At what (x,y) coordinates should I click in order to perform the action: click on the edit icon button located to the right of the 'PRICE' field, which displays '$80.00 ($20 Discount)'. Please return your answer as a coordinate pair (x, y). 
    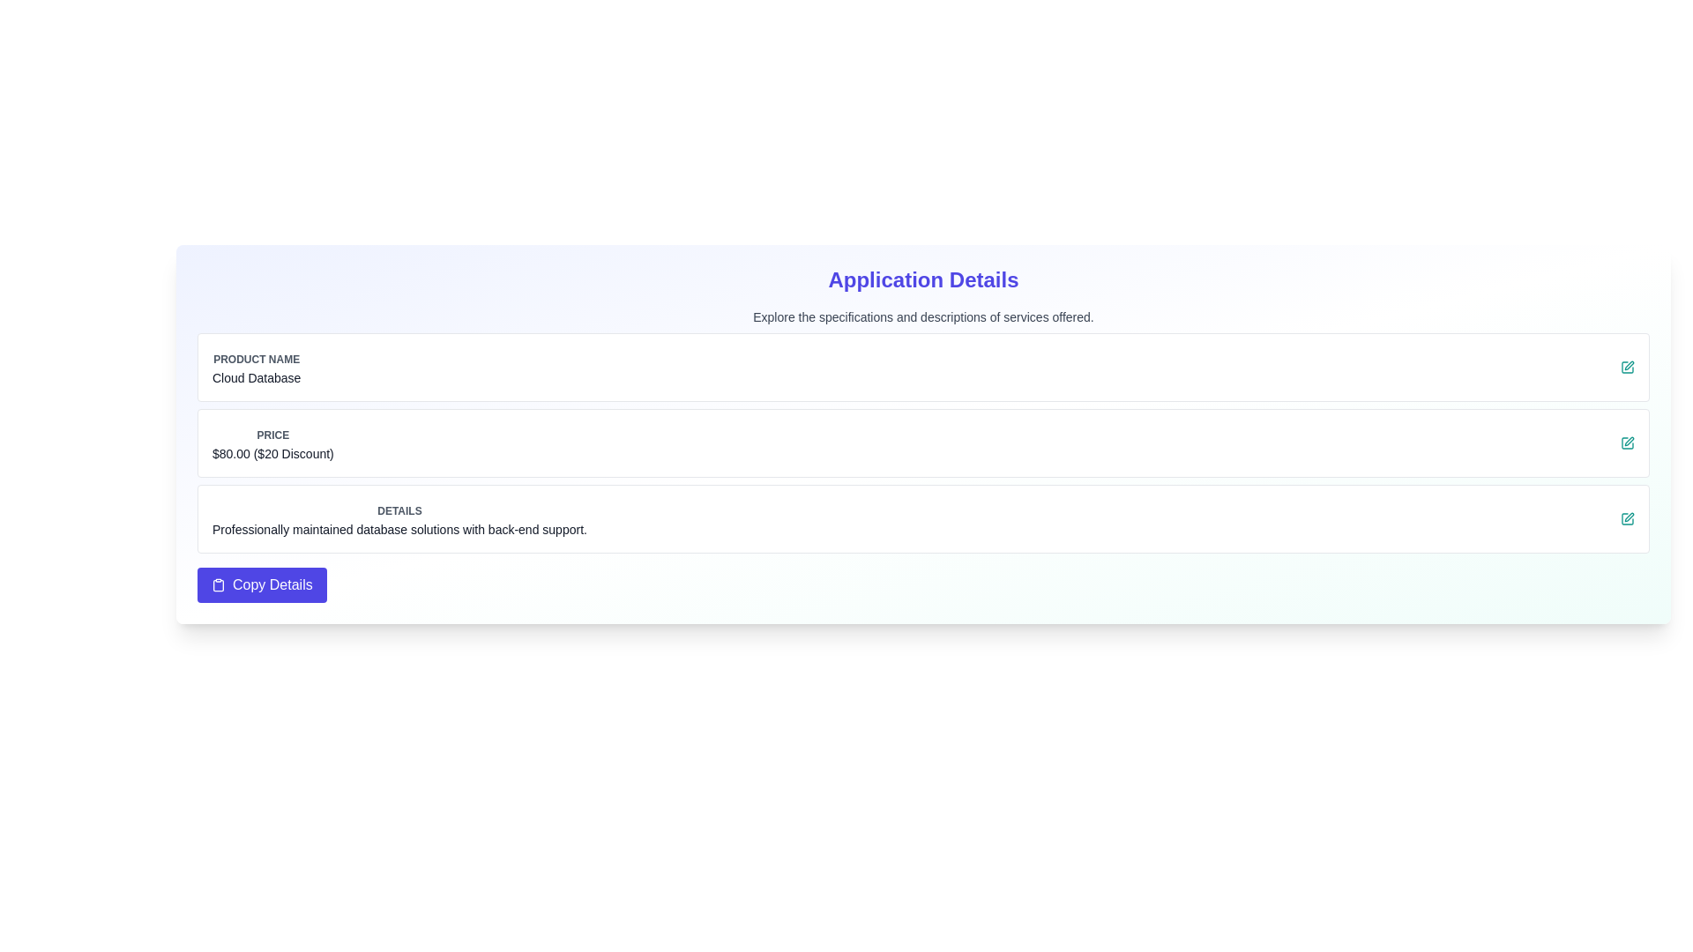
    Looking at the image, I should click on (1627, 442).